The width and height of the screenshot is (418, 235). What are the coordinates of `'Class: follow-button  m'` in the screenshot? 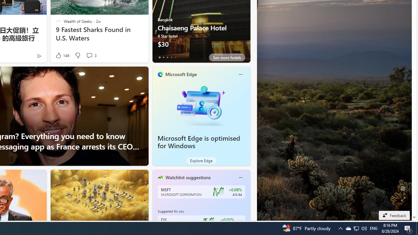 It's located at (239, 222).